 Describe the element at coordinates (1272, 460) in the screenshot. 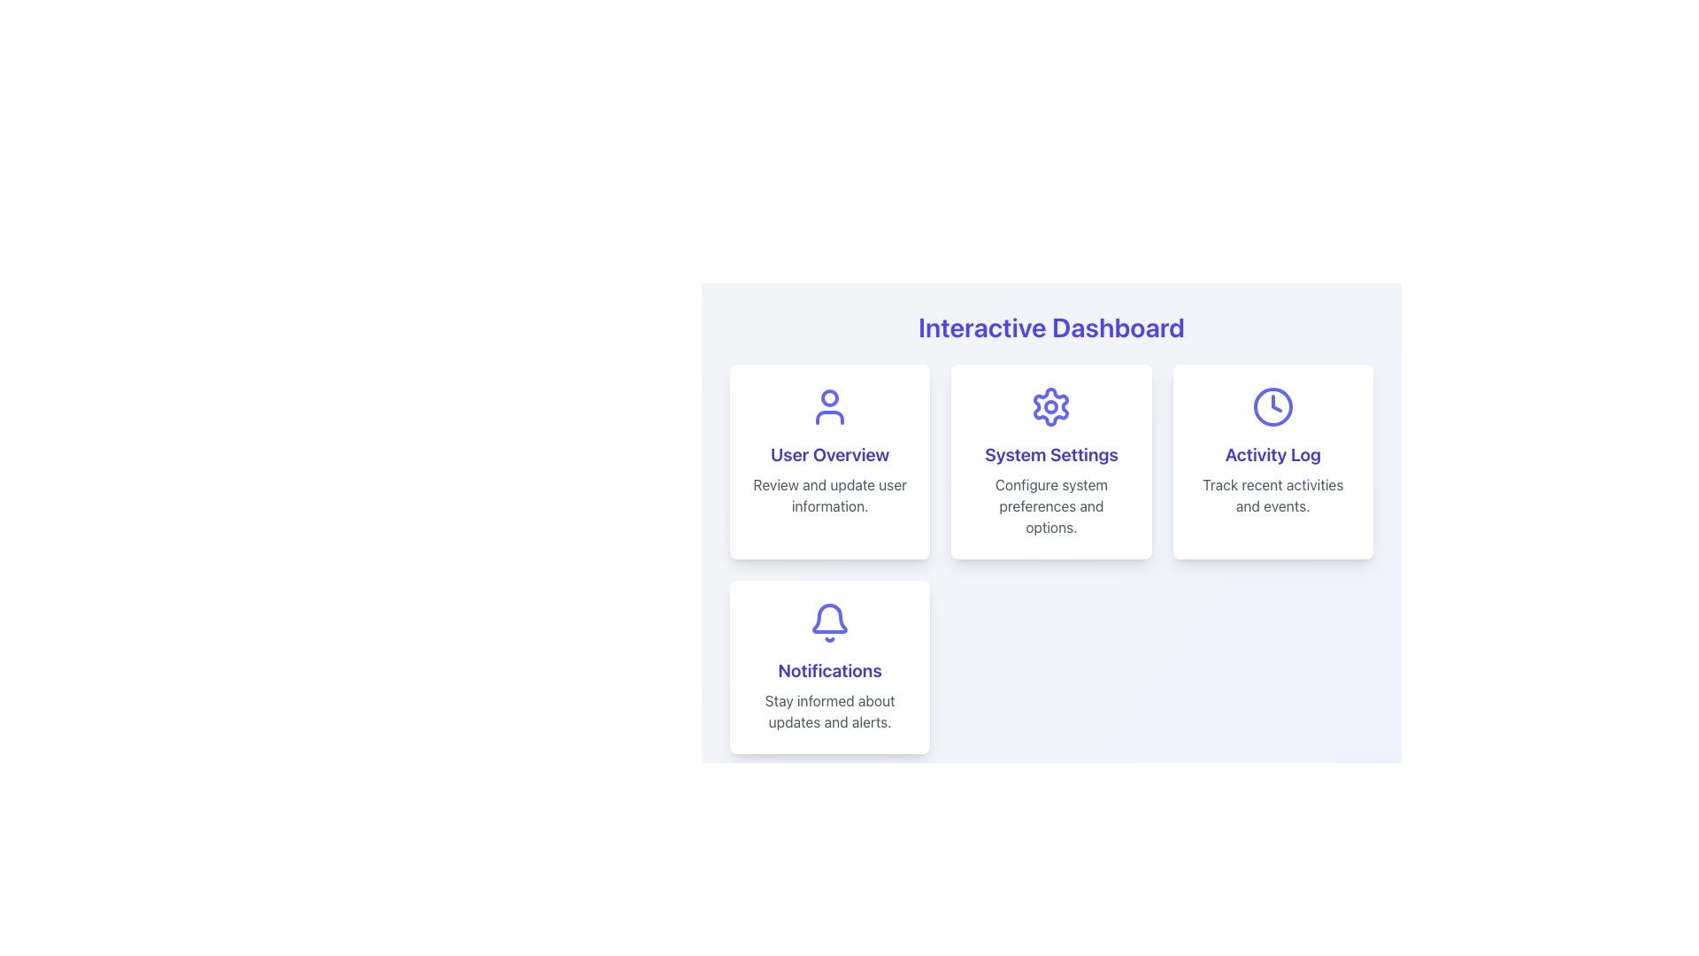

I see `the third card in the grid layout located in the top-right corner` at that location.